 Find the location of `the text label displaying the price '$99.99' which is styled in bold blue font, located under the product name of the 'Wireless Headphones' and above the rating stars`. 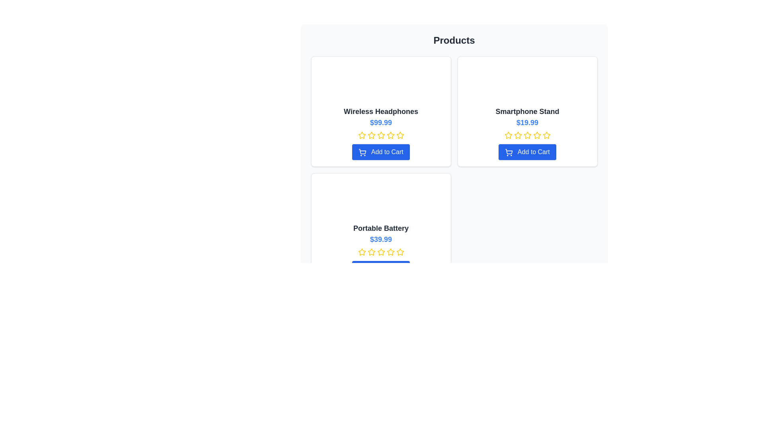

the text label displaying the price '$99.99' which is styled in bold blue font, located under the product name of the 'Wireless Headphones' and above the rating stars is located at coordinates (380, 122).